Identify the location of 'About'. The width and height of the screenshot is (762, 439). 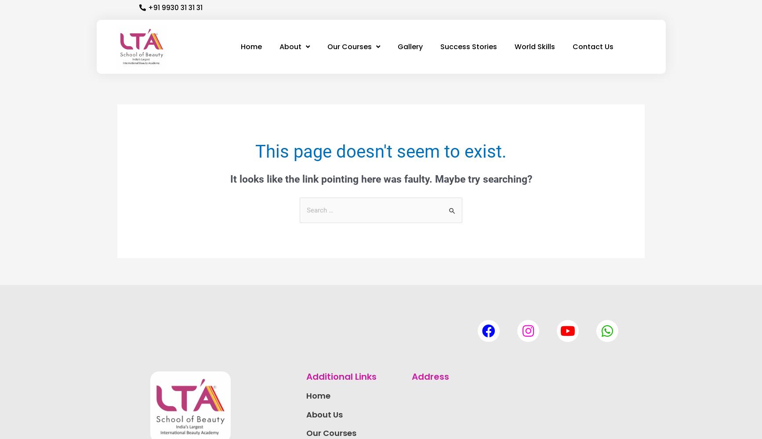
(289, 46).